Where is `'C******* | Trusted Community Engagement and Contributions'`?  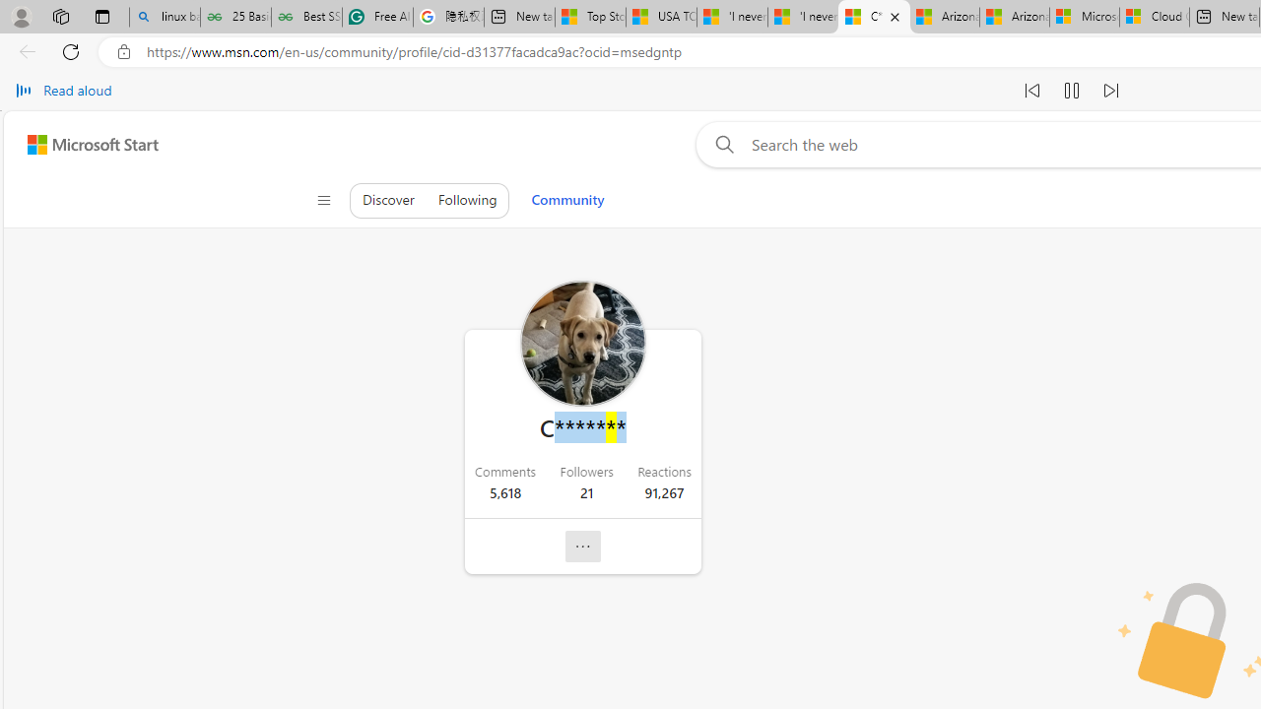 'C******* | Trusted Community Engagement and Contributions' is located at coordinates (873, 17).